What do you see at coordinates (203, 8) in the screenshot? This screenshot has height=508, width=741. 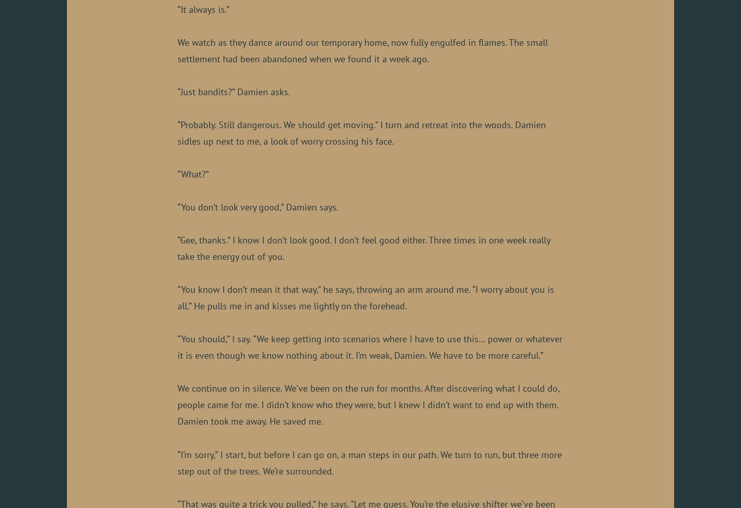 I see `'“It always is.”'` at bounding box center [203, 8].